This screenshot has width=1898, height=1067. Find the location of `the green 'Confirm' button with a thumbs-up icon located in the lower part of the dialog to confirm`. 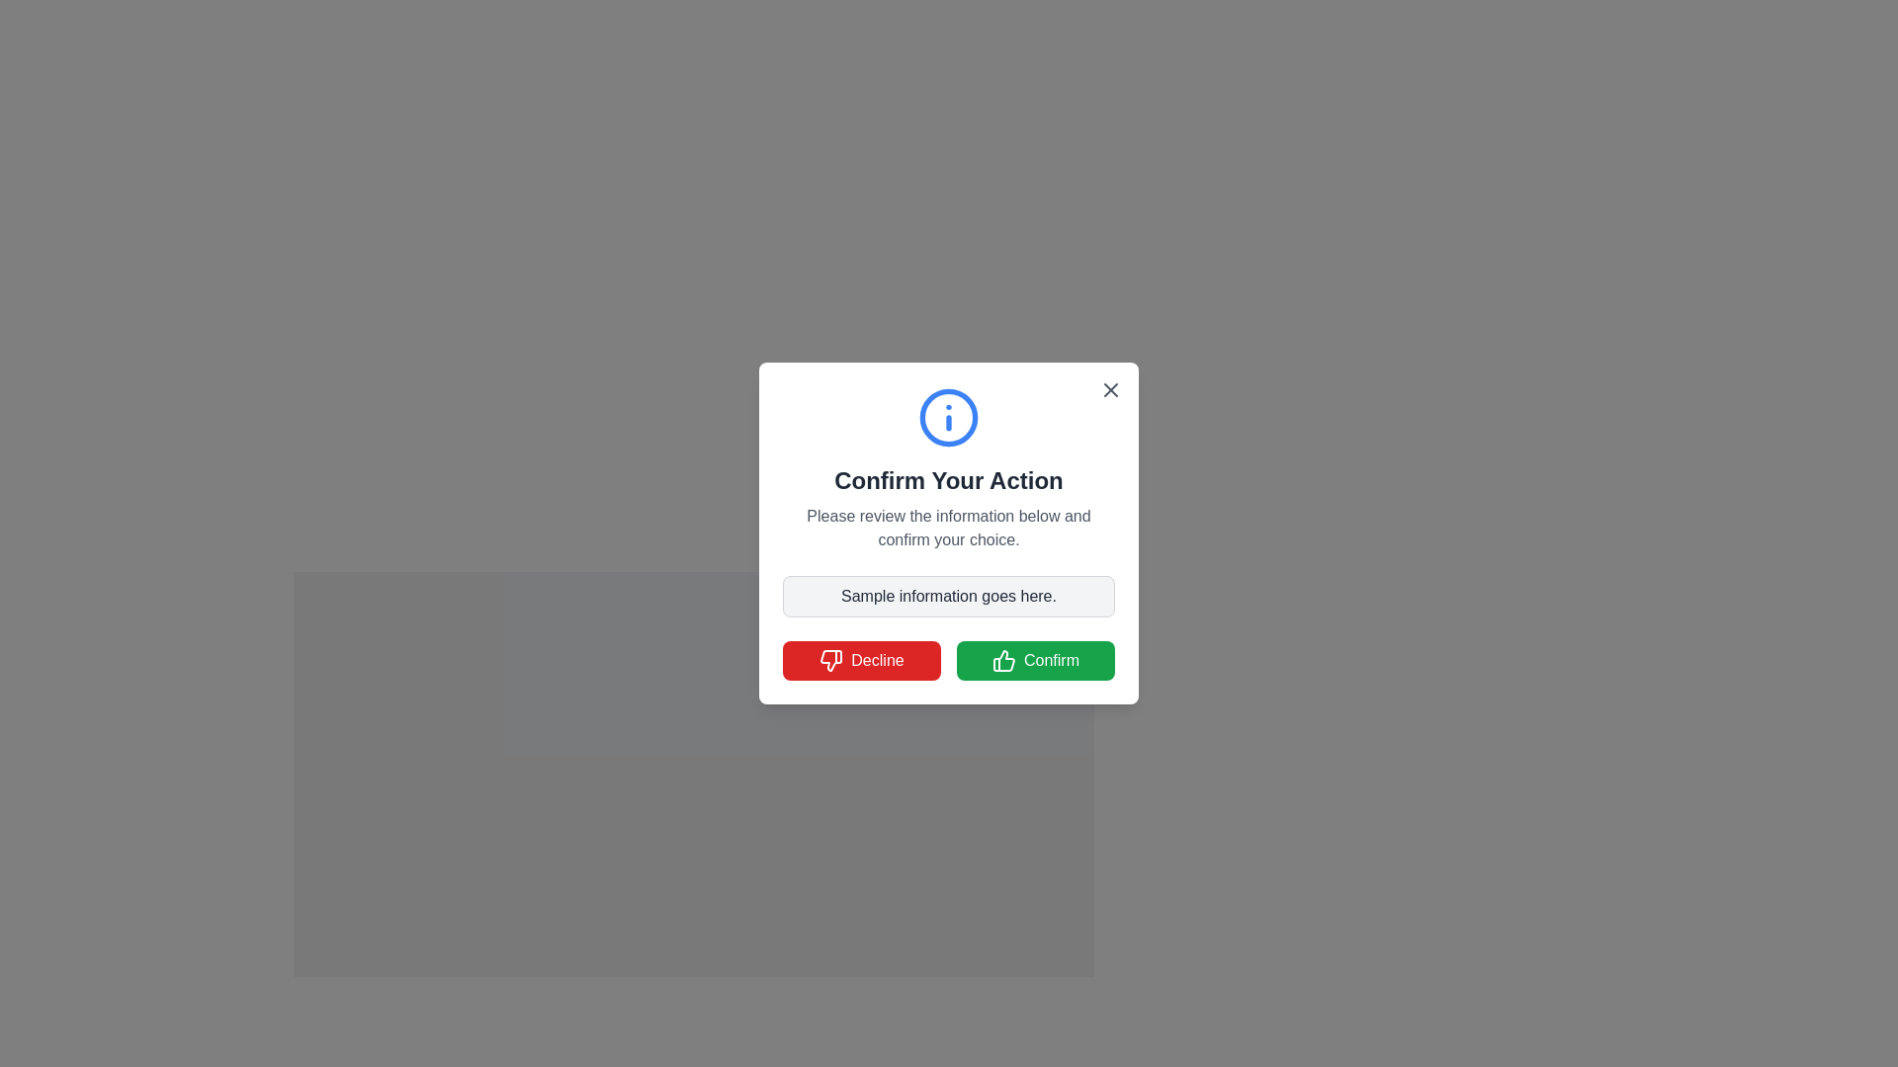

the green 'Confirm' button with a thumbs-up icon located in the lower part of the dialog to confirm is located at coordinates (1034, 660).